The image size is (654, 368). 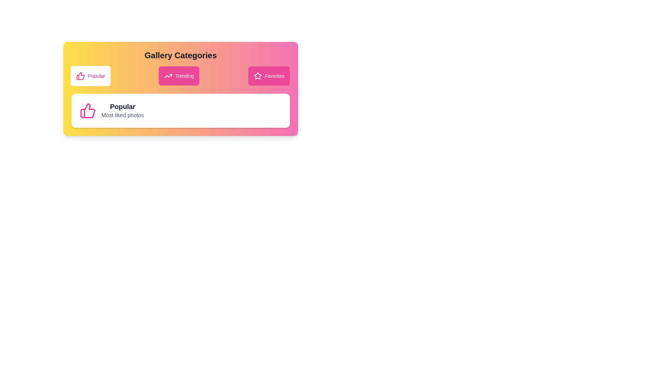 I want to click on the pink thumbs-up icon that visually represents a 'like' or approval action, located in the 'Popular' section near the top-left corner, so click(x=88, y=110).